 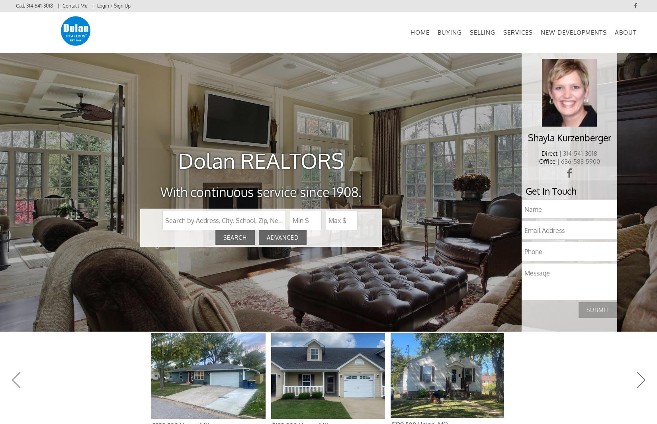 I want to click on 'Kurzenberger', so click(x=556, y=147).